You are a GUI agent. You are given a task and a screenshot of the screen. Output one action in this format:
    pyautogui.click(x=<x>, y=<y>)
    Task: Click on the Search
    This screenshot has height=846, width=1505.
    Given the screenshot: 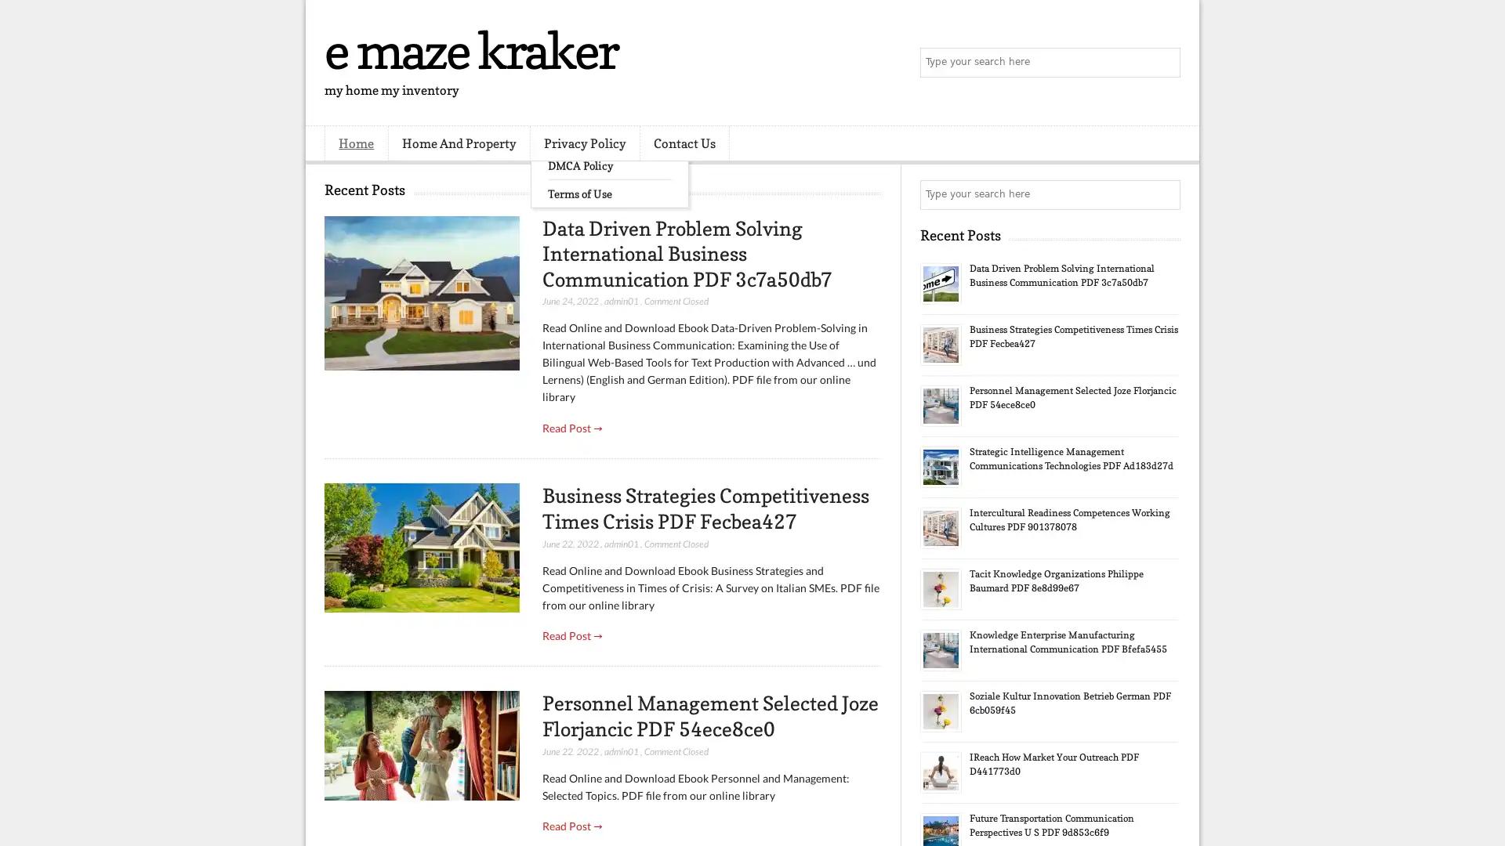 What is the action you would take?
    pyautogui.click(x=1164, y=63)
    